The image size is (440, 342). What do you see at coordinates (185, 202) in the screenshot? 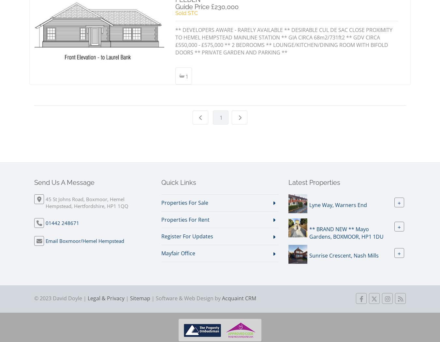
I see `'Properties For Sale'` at bounding box center [185, 202].